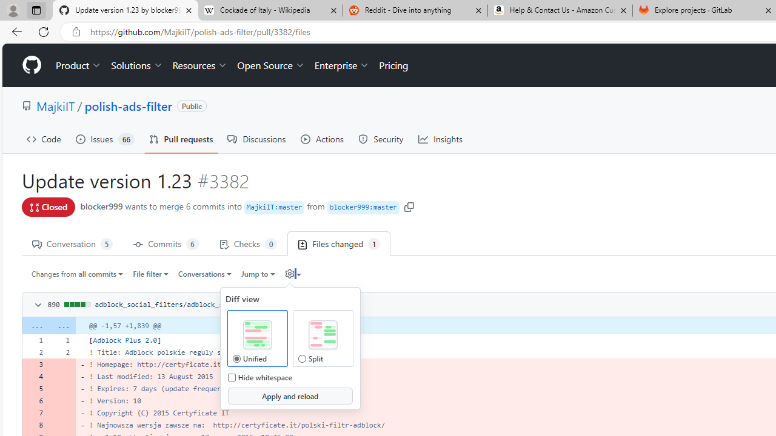 This screenshot has width=776, height=436. I want to click on 'Unified Diff View Unified', so click(236, 357).